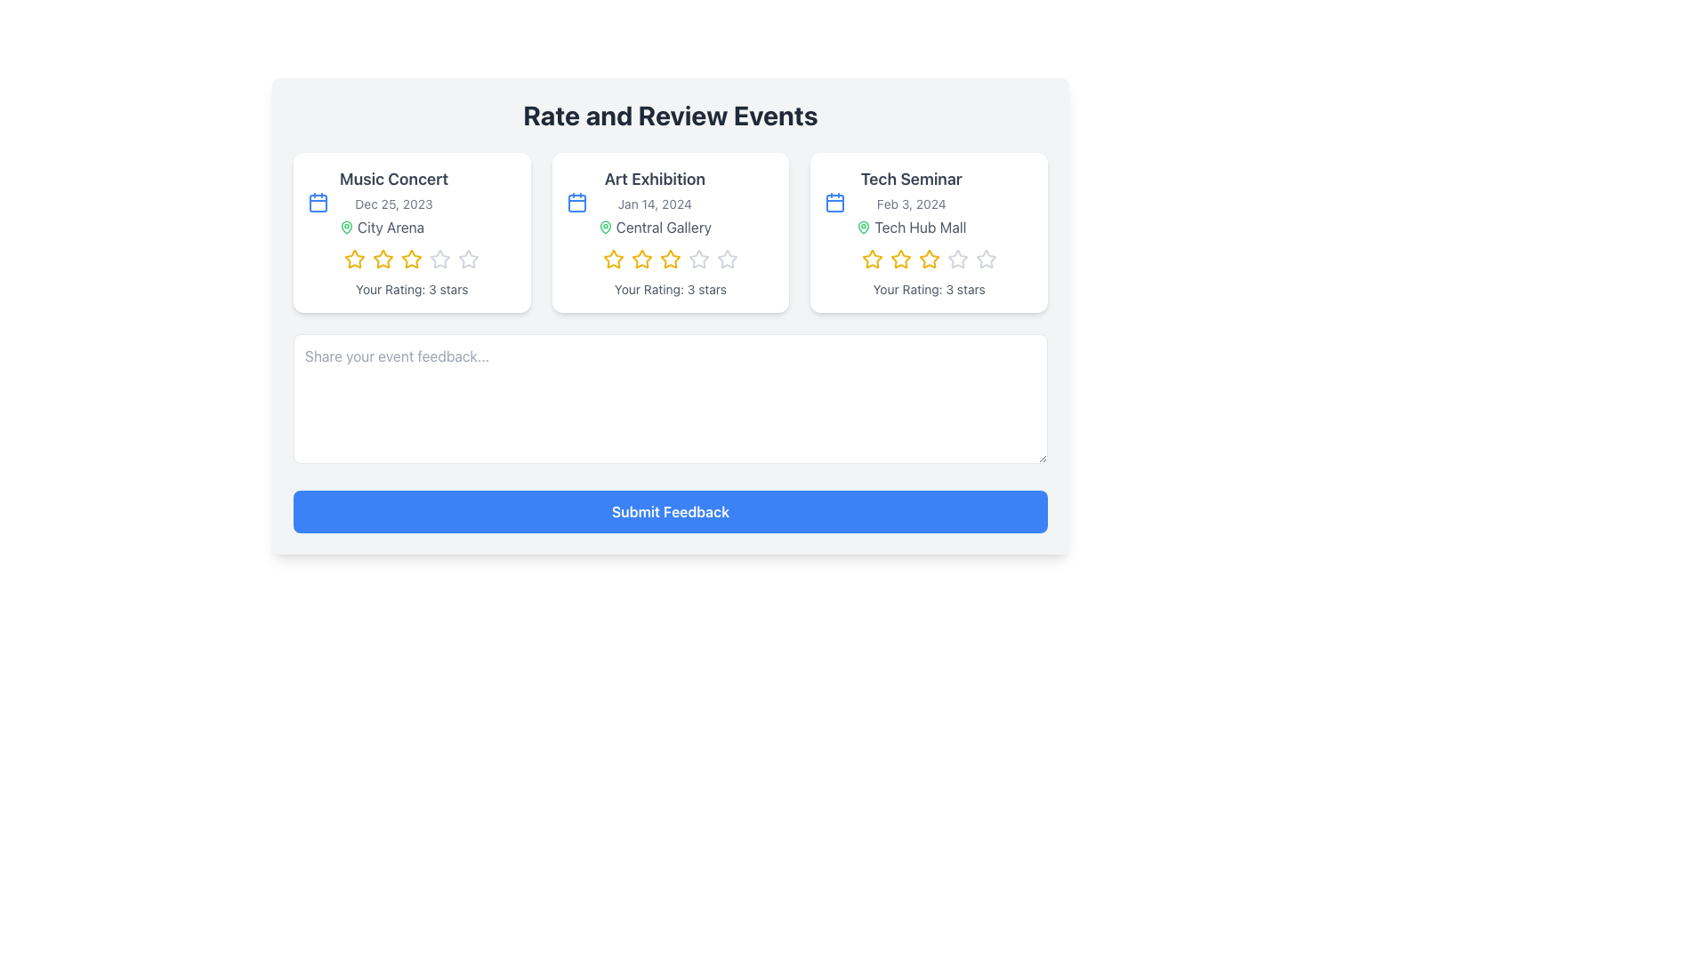 This screenshot has width=1708, height=960. I want to click on the text label displaying the date 'Dec 25, 2023', which is styled in light gray and positioned within the 'Rate and Review Events' card, below 'Music Concert', so click(392, 204).